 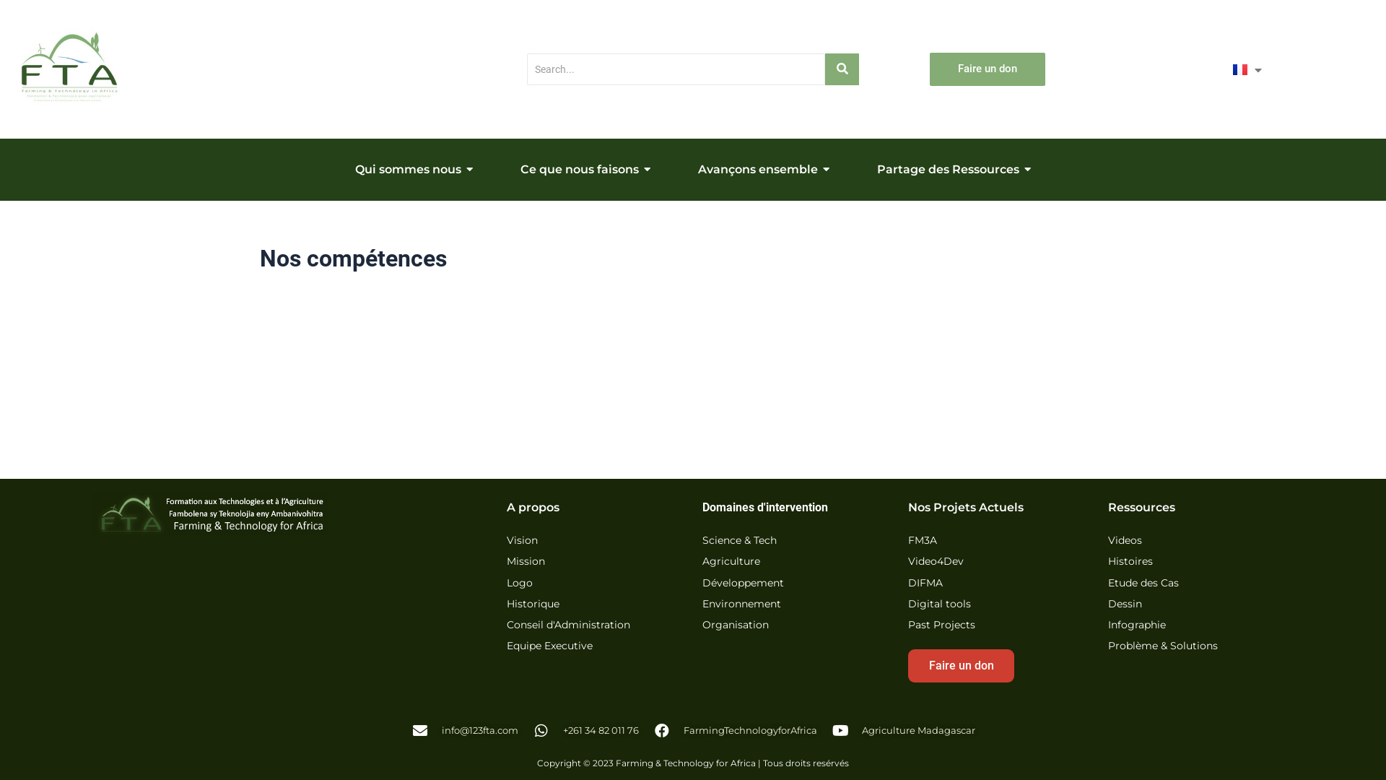 I want to click on 'Mission', so click(x=525, y=561).